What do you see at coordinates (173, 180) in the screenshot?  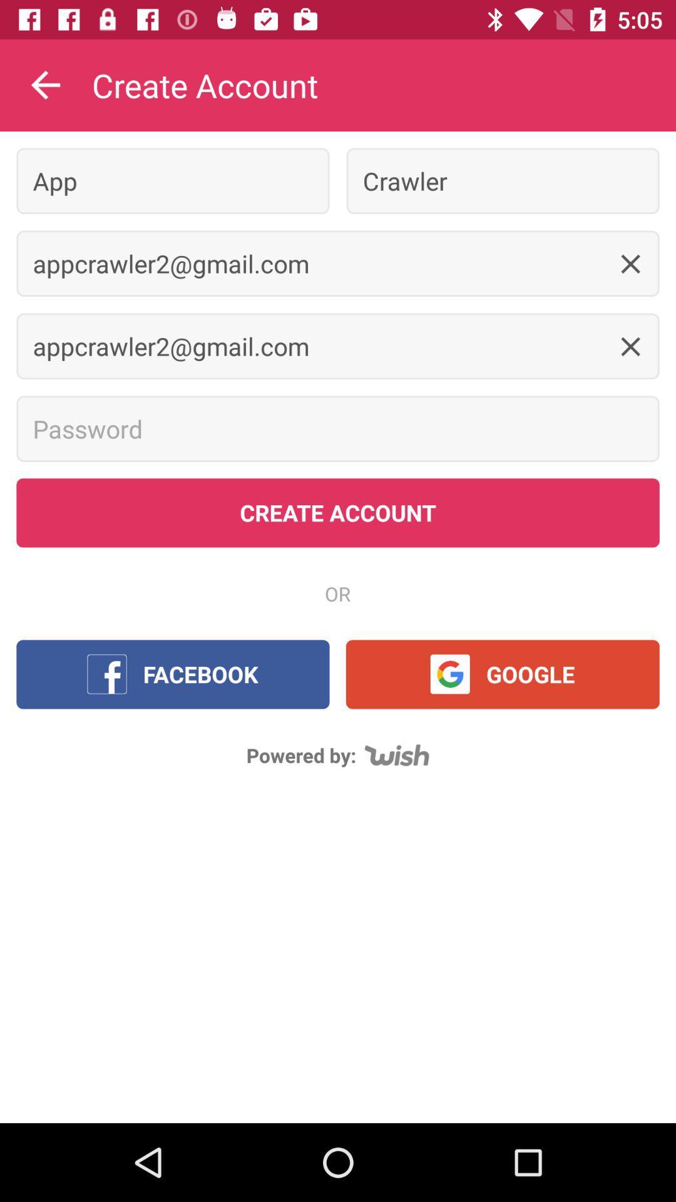 I see `item to the left of crawler` at bounding box center [173, 180].